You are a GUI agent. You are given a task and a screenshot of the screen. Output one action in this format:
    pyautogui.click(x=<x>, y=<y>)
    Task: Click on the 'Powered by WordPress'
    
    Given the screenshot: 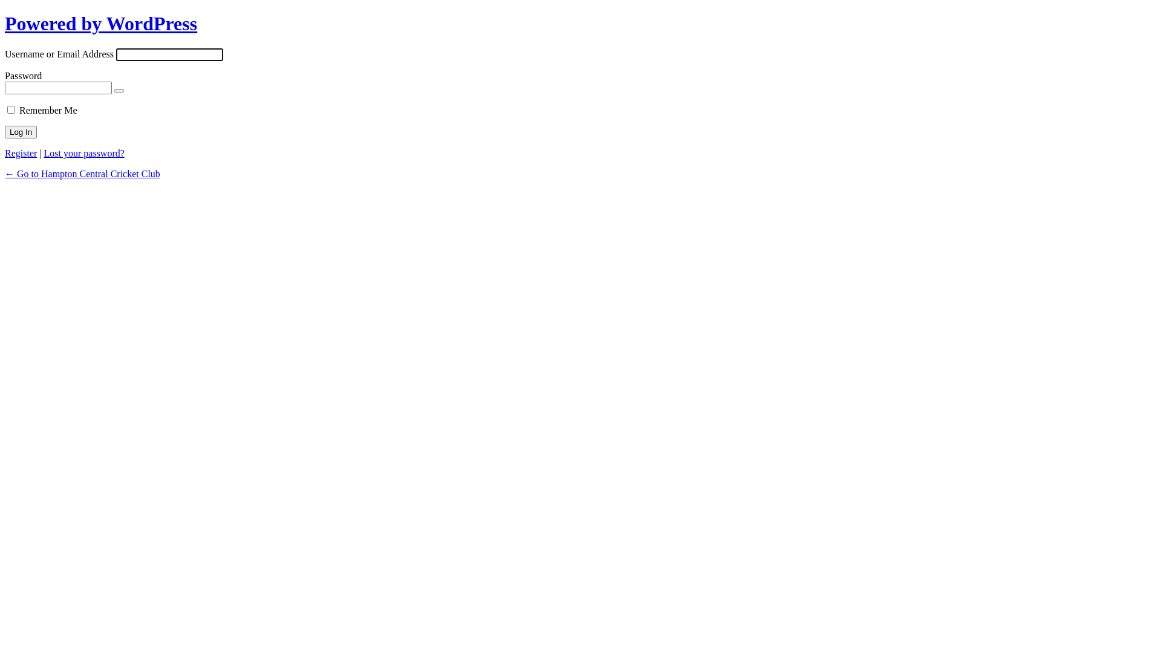 What is the action you would take?
    pyautogui.click(x=101, y=23)
    